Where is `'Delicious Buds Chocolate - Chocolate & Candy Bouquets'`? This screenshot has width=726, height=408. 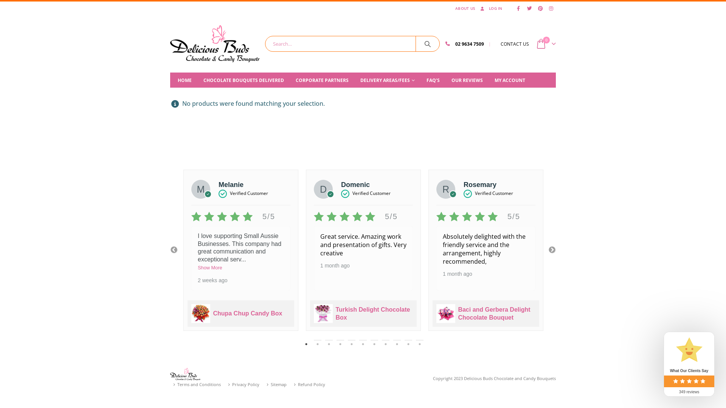
'Delicious Buds Chocolate - Chocolate & Candy Bouquets' is located at coordinates (214, 43).